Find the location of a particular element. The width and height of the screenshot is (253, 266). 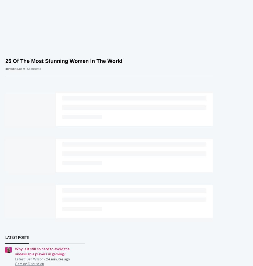

'Windows Central' is located at coordinates (198, 237).